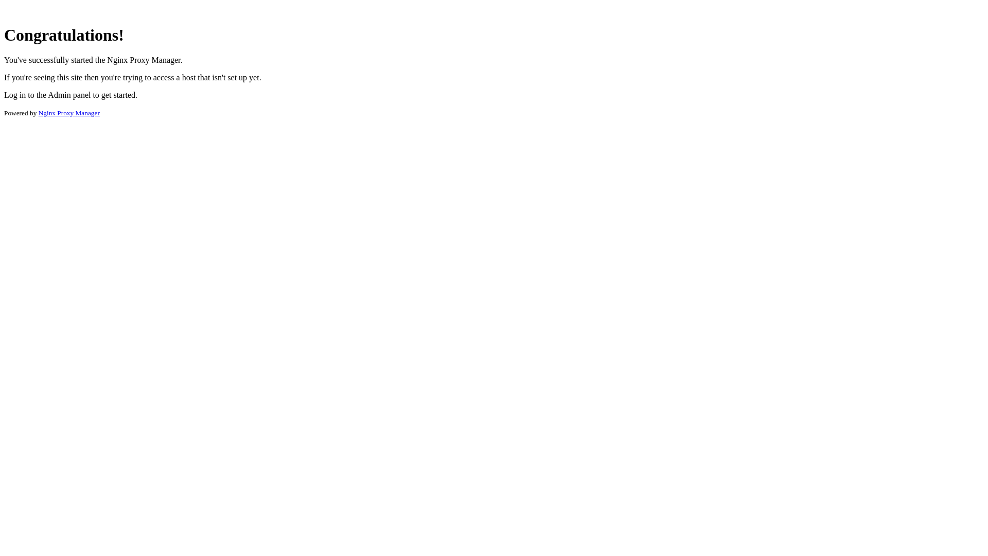 The width and height of the screenshot is (988, 556). I want to click on 'Nginx Proxy Manager', so click(68, 113).